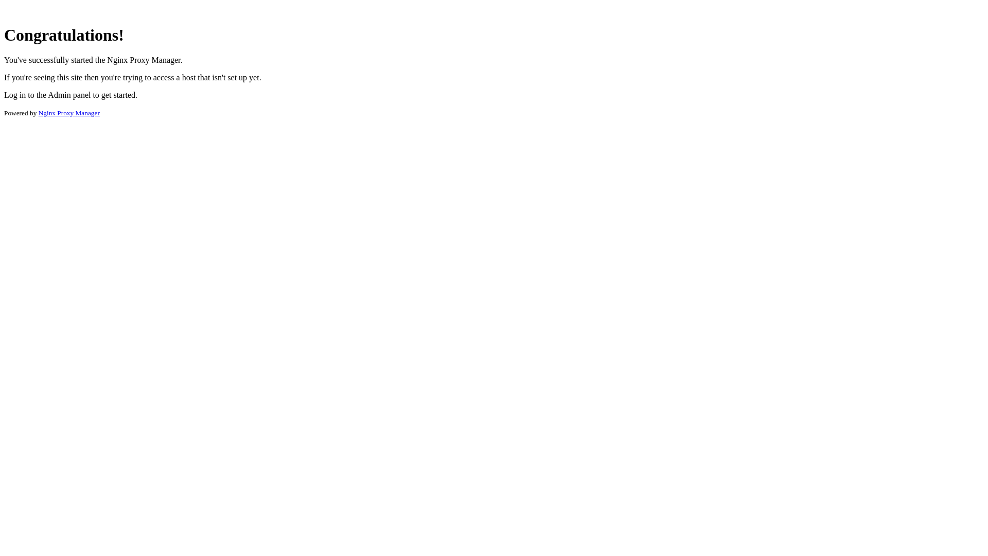 The width and height of the screenshot is (988, 556). I want to click on 'Nginx Proxy Manager', so click(68, 113).